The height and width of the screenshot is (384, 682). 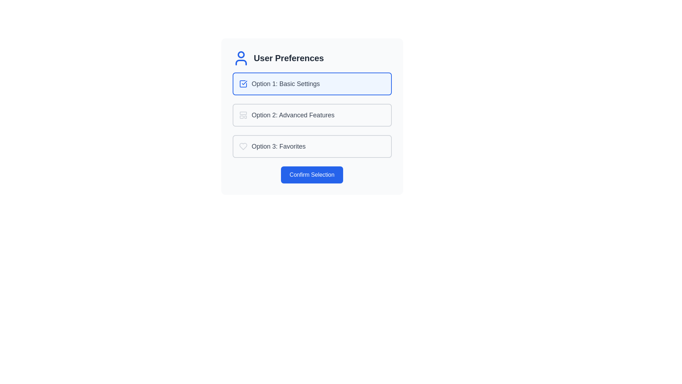 I want to click on the static text label reading 'Option 3: Favorites' which is part of the selectable panel under 'User Preferences', so click(x=278, y=146).